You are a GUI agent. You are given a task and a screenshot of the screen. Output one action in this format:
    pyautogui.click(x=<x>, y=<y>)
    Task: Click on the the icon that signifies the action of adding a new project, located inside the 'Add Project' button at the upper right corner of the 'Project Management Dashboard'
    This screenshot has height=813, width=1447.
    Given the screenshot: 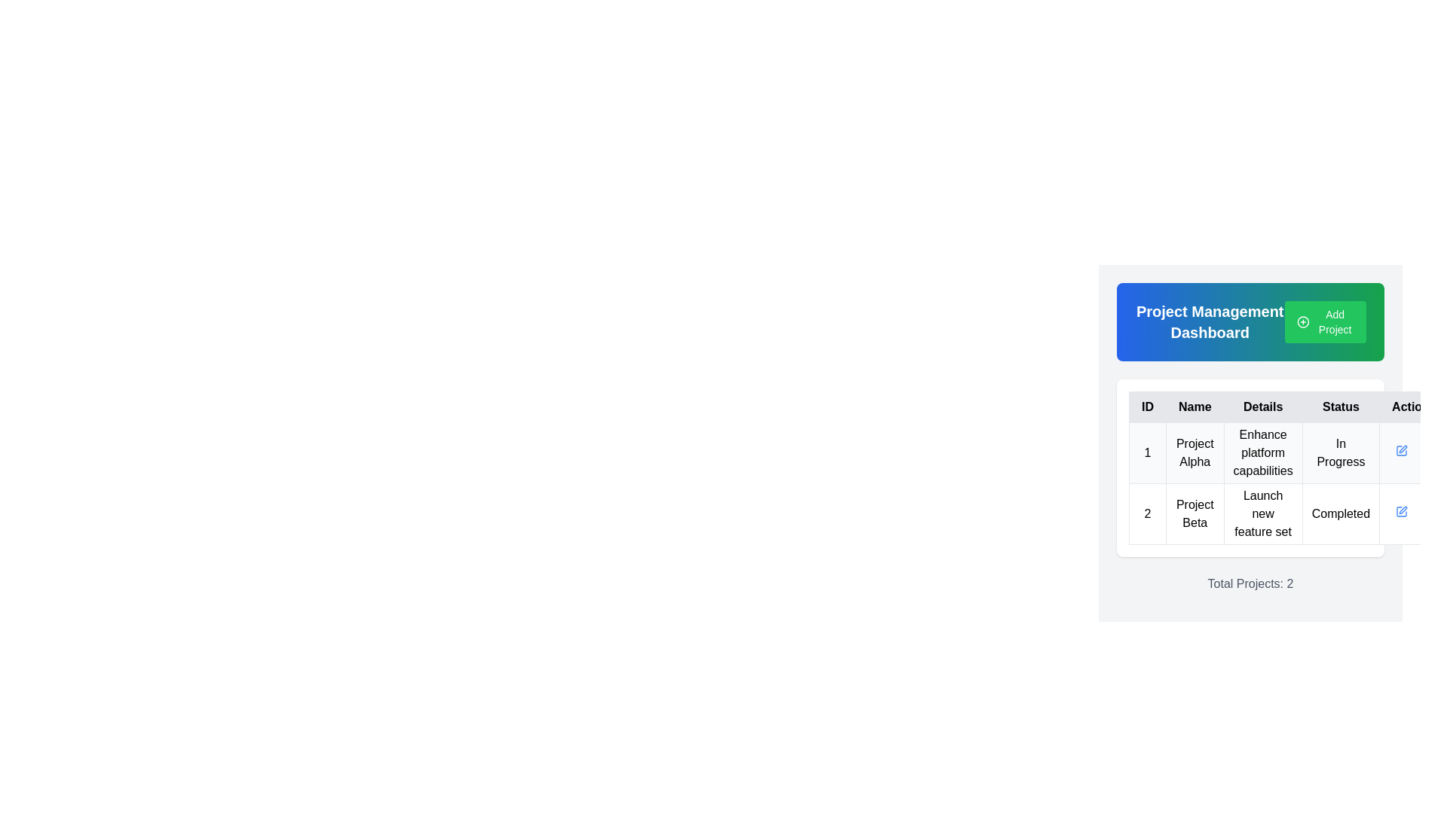 What is the action you would take?
    pyautogui.click(x=1302, y=321)
    